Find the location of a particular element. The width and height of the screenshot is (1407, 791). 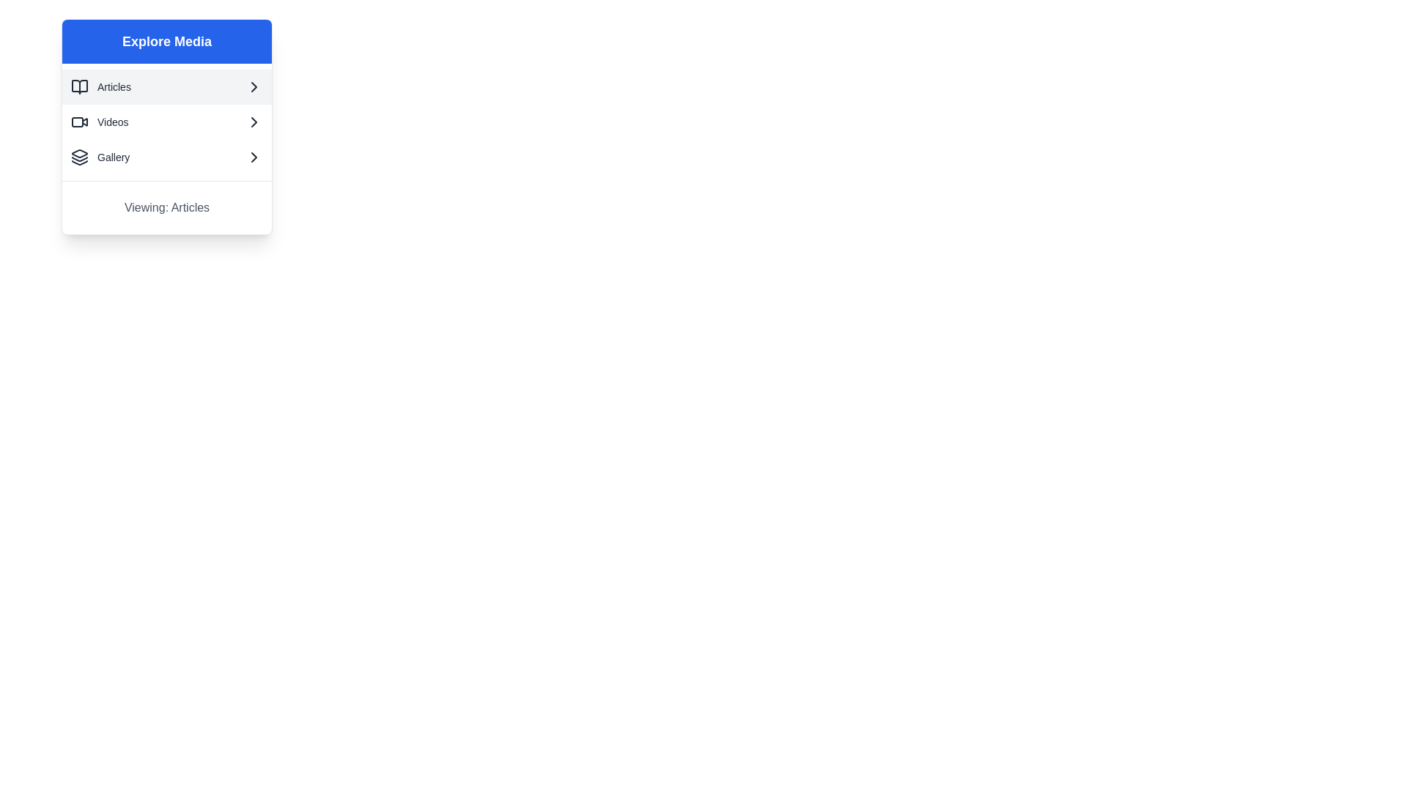

the 'Articles' icon in the 'Explore Media' menu, which is located in the first row of items on the left side next to the text 'Articles' is located at coordinates (79, 87).